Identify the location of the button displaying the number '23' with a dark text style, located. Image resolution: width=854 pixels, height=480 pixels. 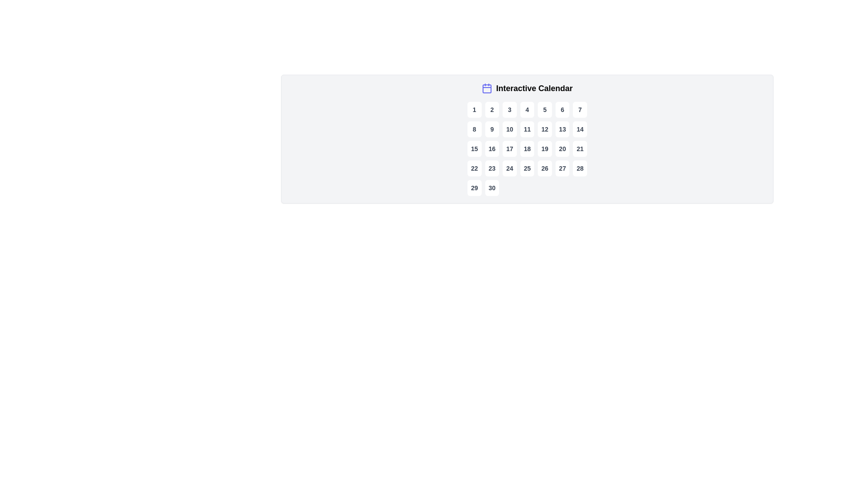
(491, 168).